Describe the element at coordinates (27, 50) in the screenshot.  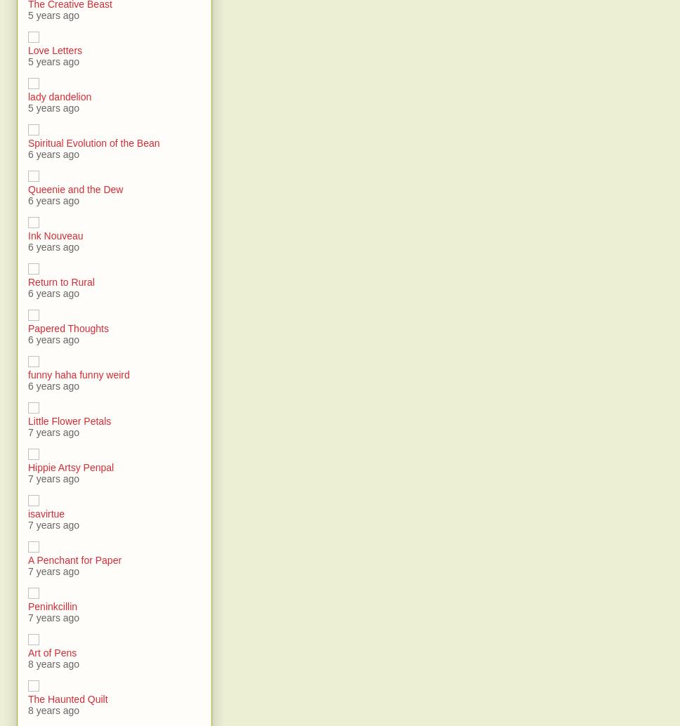
I see `'Love Letters'` at that location.